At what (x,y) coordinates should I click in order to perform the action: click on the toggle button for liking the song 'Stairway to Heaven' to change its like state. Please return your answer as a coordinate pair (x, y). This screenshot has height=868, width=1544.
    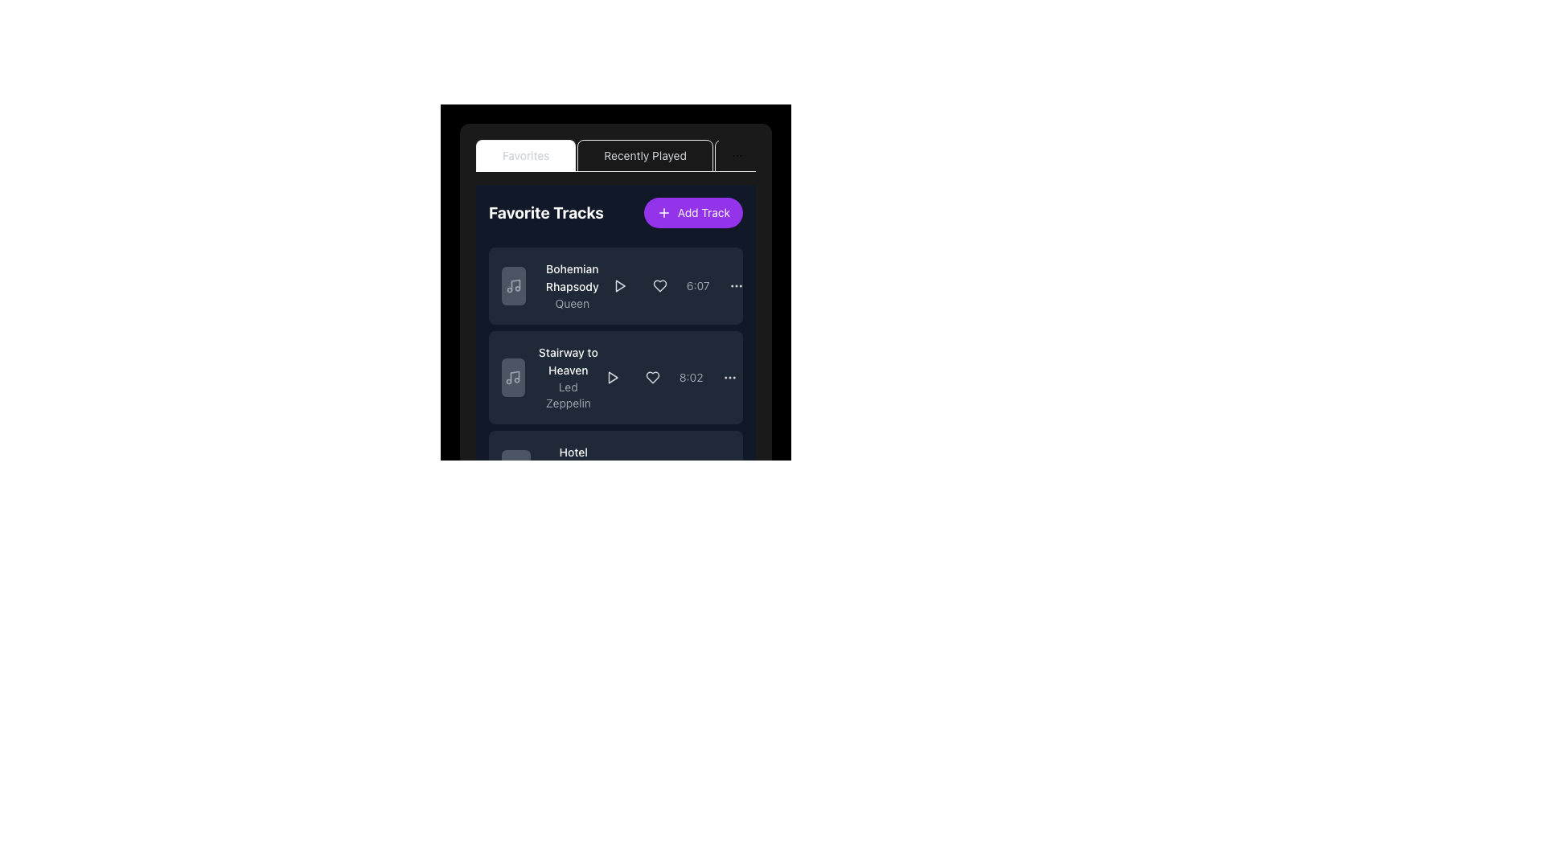
    Looking at the image, I should click on (652, 378).